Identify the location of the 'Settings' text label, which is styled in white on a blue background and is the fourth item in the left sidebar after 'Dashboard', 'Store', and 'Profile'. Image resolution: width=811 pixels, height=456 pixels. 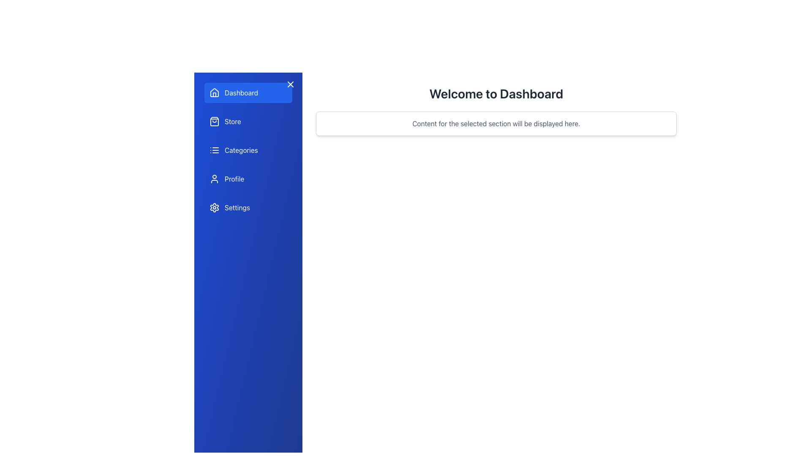
(237, 208).